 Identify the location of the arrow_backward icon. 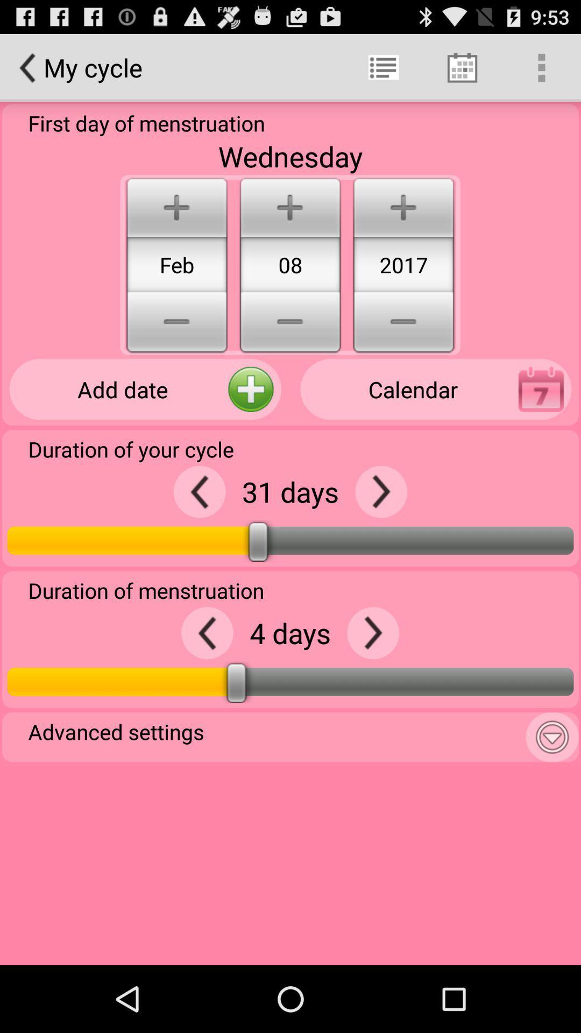
(200, 526).